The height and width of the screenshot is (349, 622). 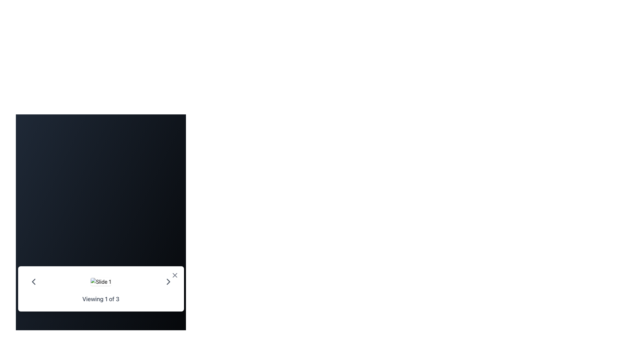 I want to click on the button with a rightward-pointing chevron icon located at the bottom right corner of the modal interface, so click(x=168, y=281).